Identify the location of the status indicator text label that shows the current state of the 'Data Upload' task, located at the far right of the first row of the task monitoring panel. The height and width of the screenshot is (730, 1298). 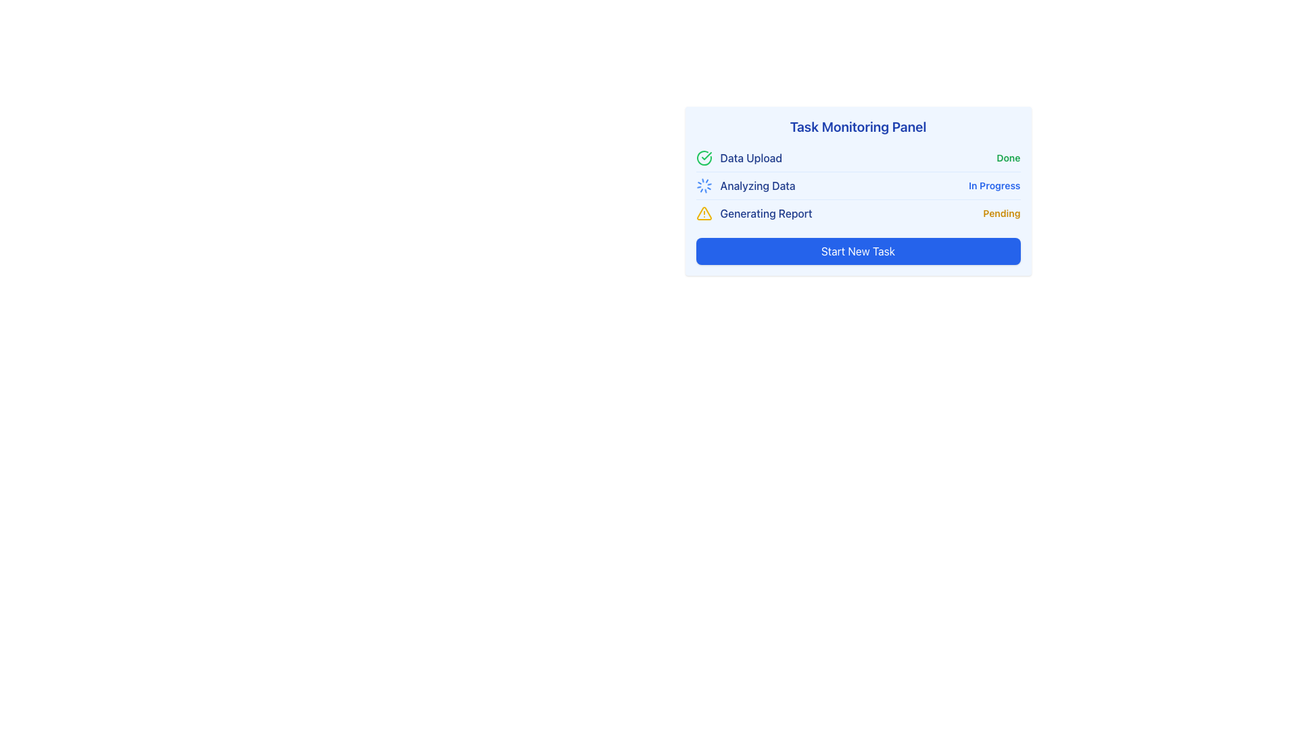
(1008, 157).